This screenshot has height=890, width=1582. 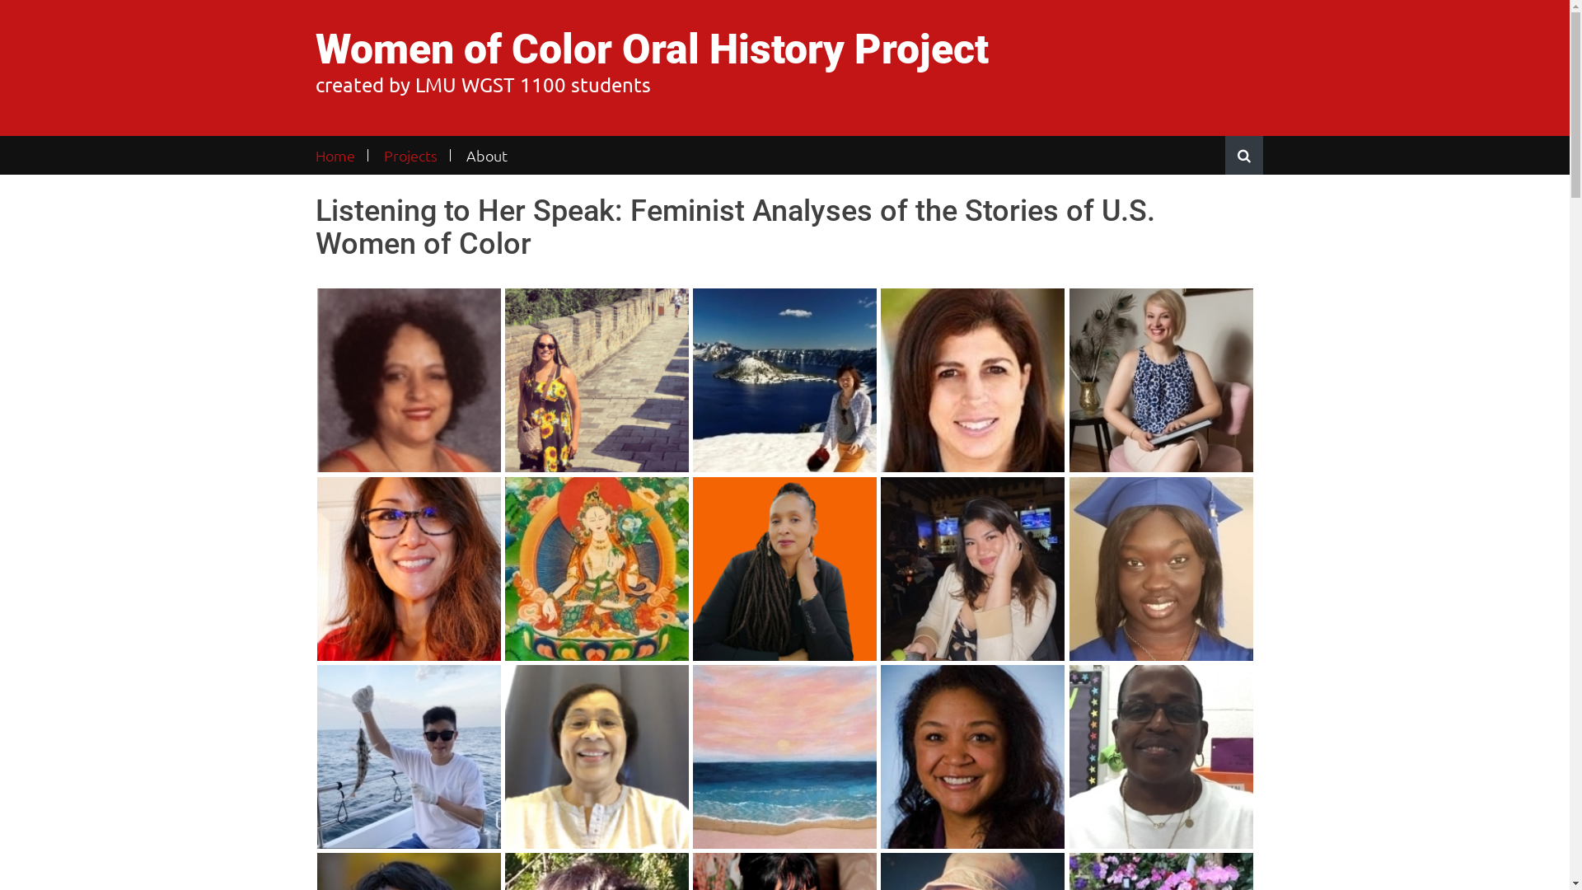 What do you see at coordinates (485, 155) in the screenshot?
I see `'About'` at bounding box center [485, 155].